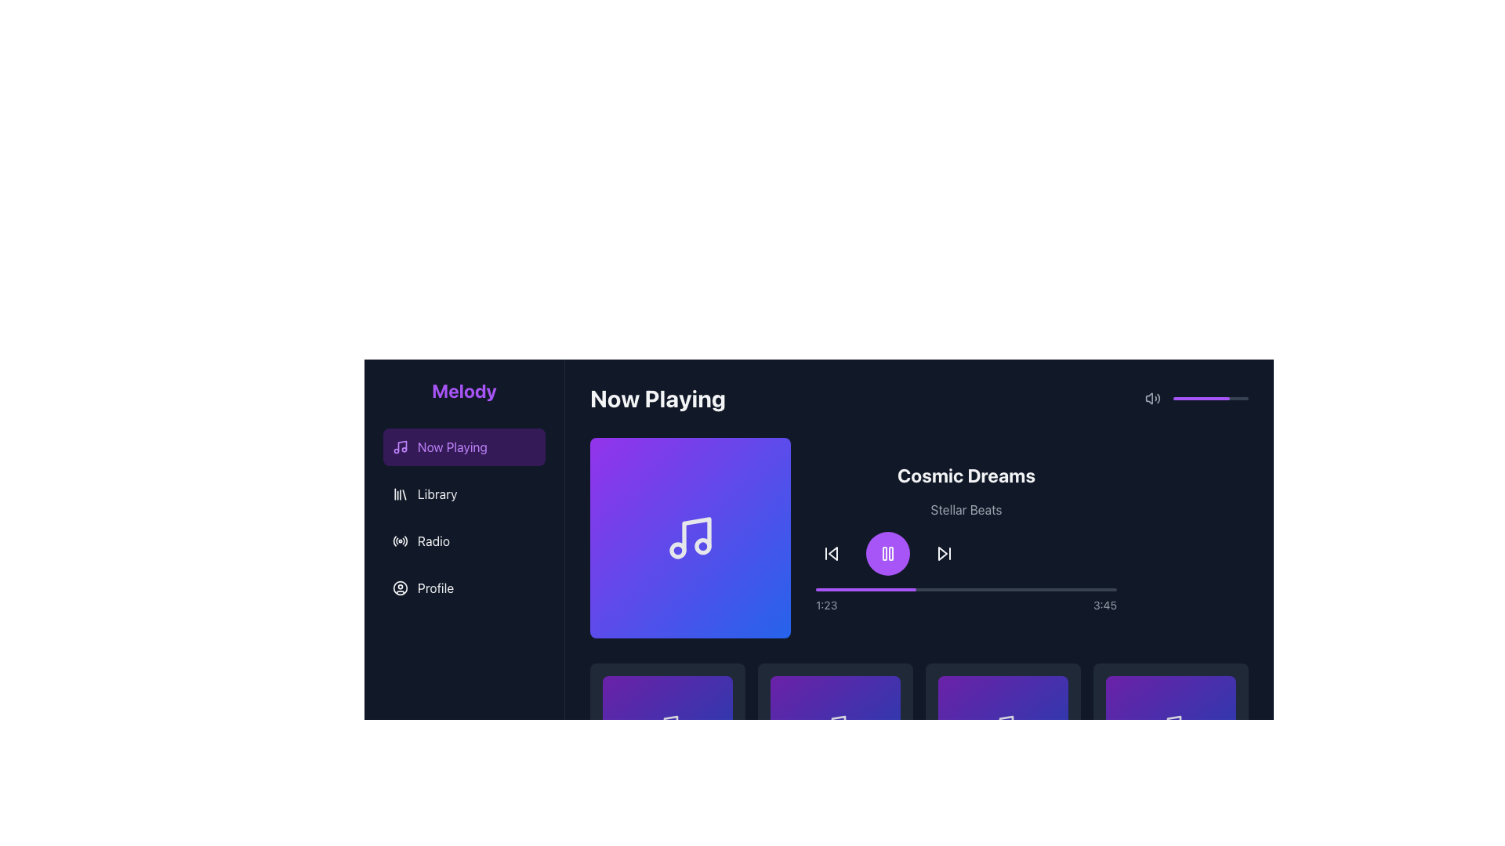 Image resolution: width=1505 pixels, height=846 pixels. What do you see at coordinates (943, 552) in the screenshot?
I see `the circular skip-forward button, which is the third interactive button in the row, to skip to the next track` at bounding box center [943, 552].